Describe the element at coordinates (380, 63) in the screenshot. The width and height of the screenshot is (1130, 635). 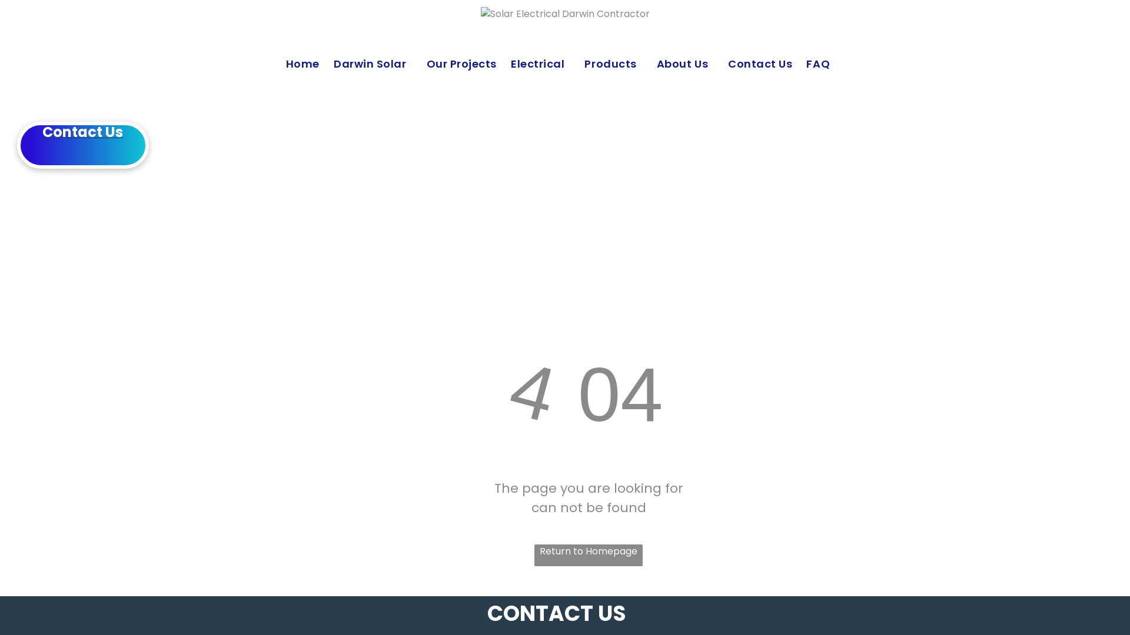
I see `'Darwin Solar'` at that location.